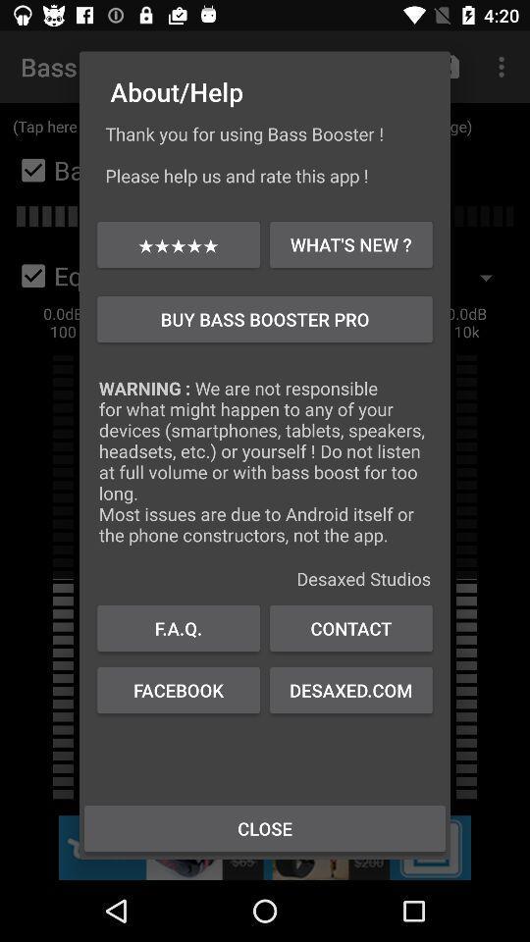 This screenshot has width=530, height=942. I want to click on icon to the right of the f.a.q., so click(349, 627).